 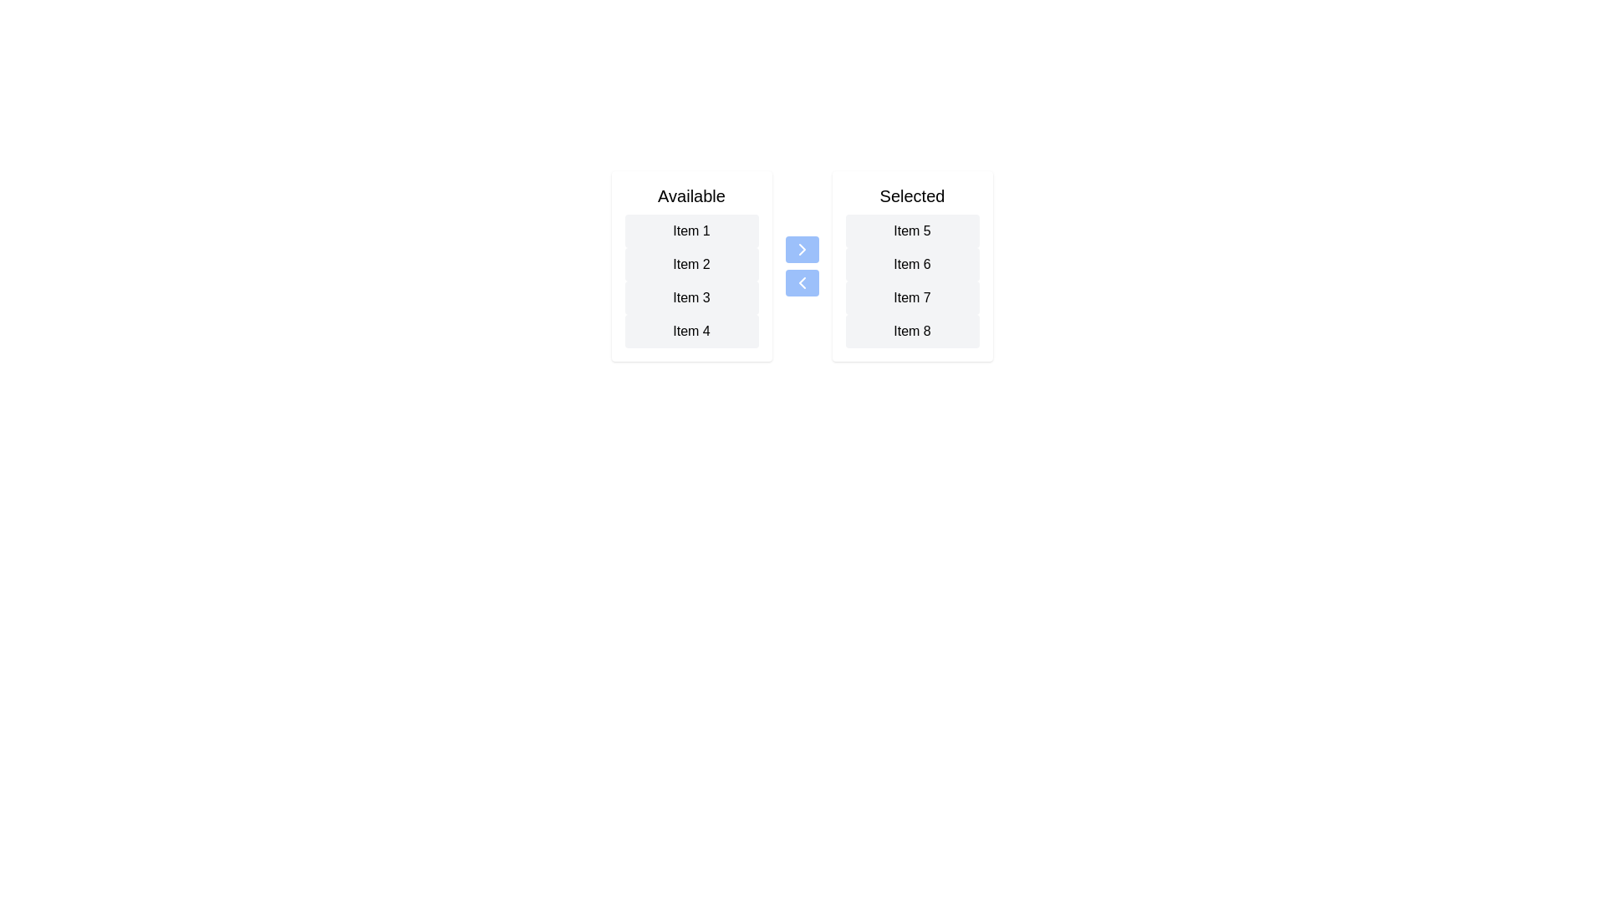 I want to click on the fourth item in the selectable list under the 'Available' section, which is styled to appear selectable but is currently not interactive, so click(x=691, y=332).